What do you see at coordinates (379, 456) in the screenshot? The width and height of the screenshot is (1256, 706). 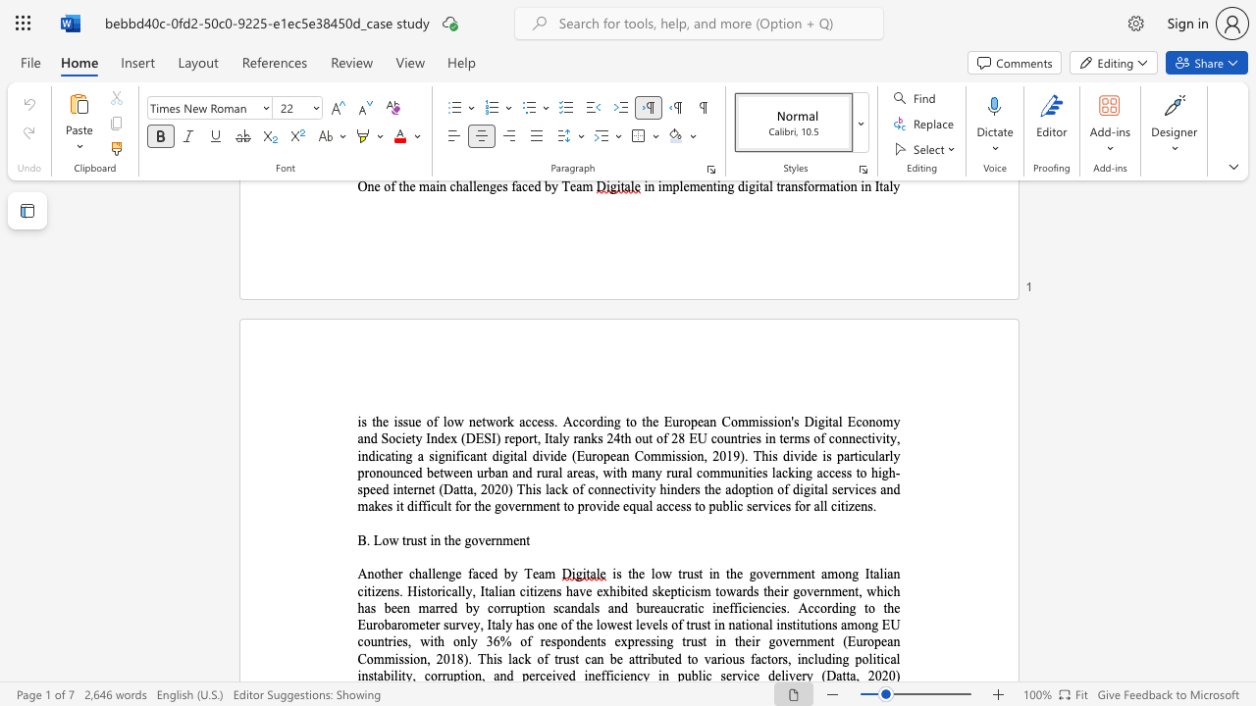 I see `the subset text "cat" within the text "indicating"` at bounding box center [379, 456].